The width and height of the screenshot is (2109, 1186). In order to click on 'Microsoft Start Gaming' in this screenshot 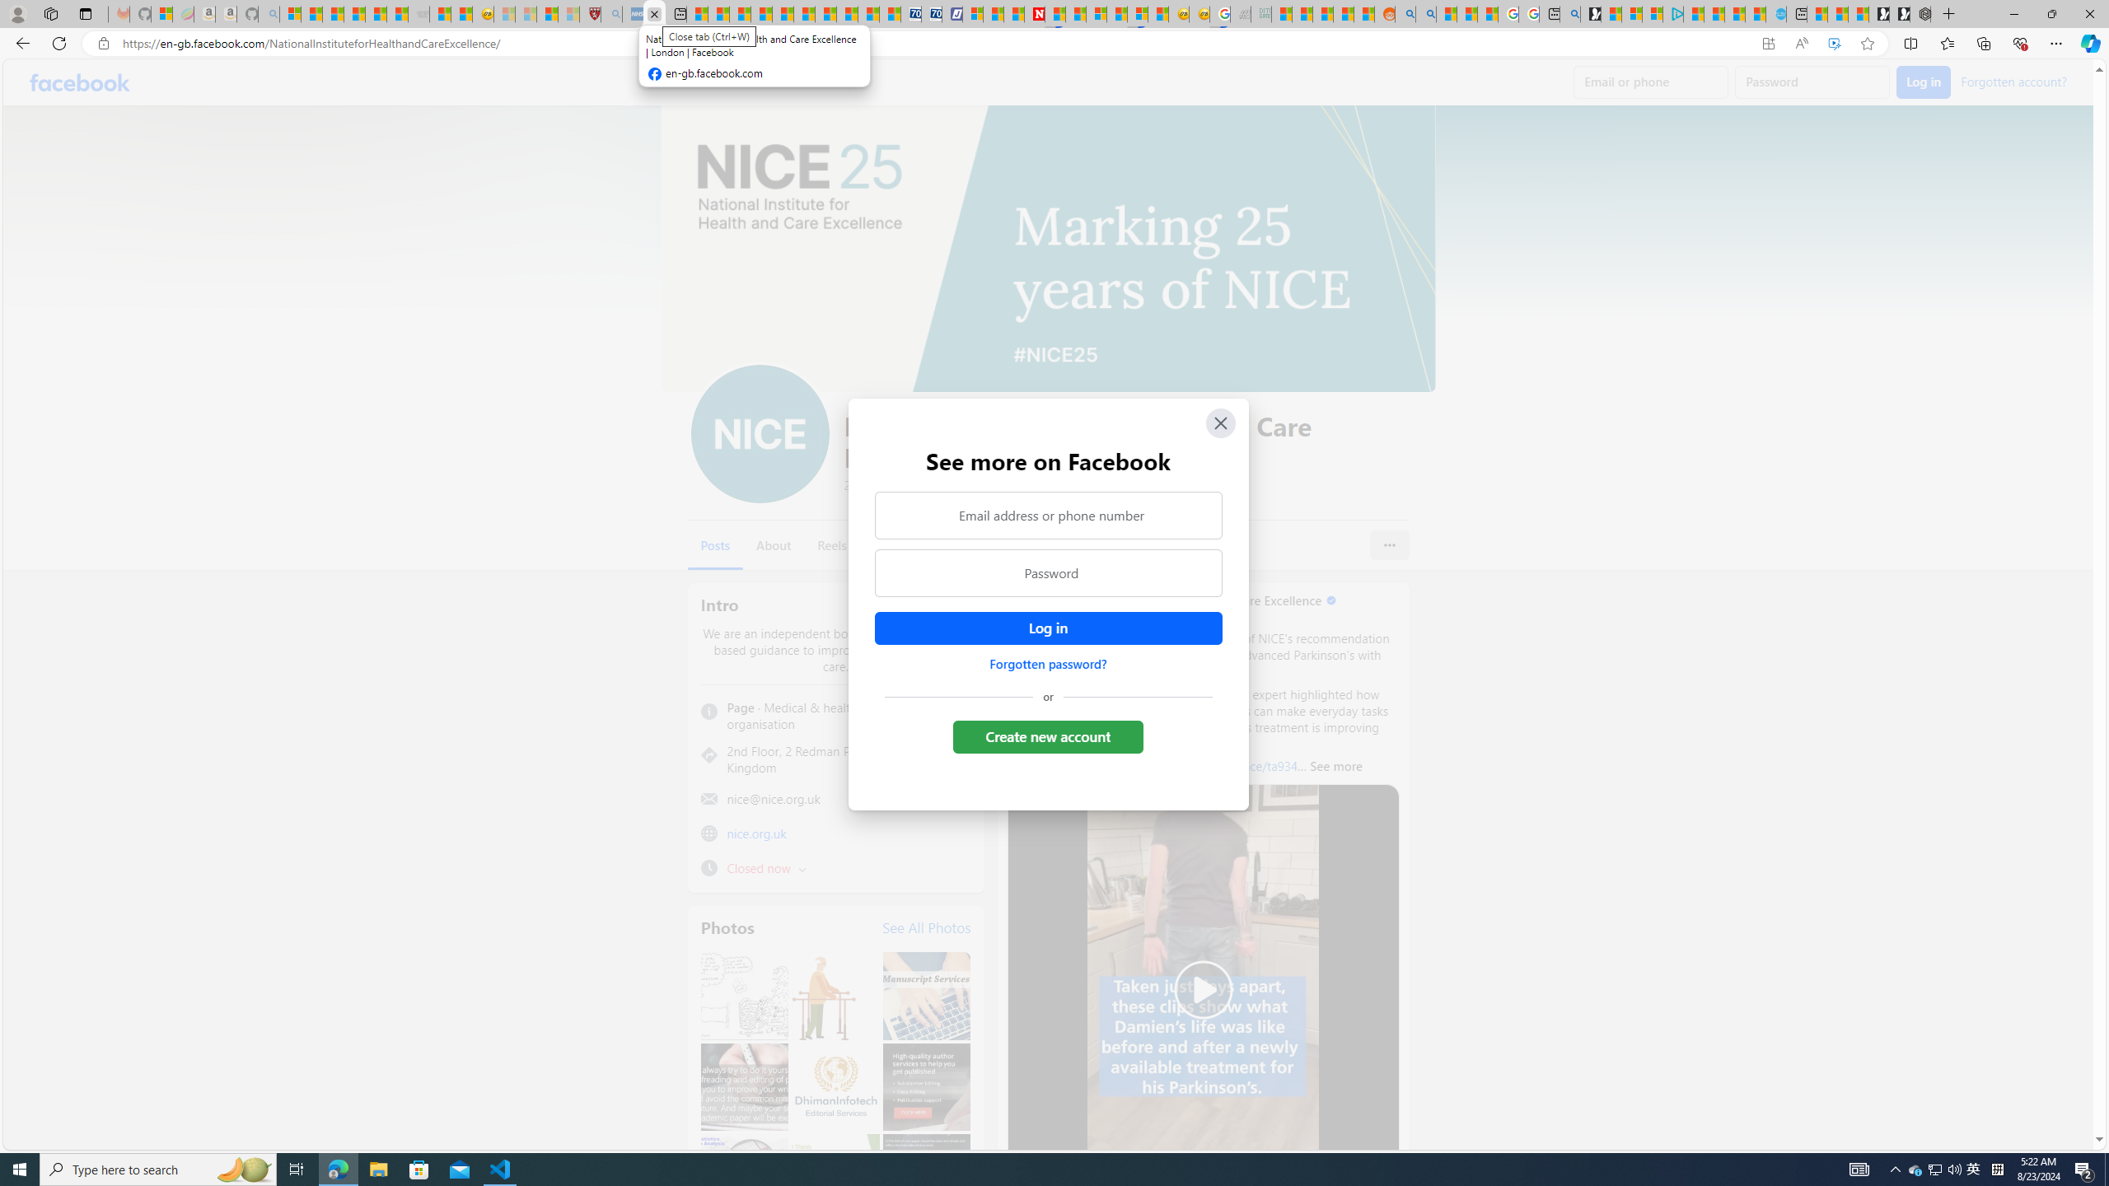, I will do `click(1589, 13)`.